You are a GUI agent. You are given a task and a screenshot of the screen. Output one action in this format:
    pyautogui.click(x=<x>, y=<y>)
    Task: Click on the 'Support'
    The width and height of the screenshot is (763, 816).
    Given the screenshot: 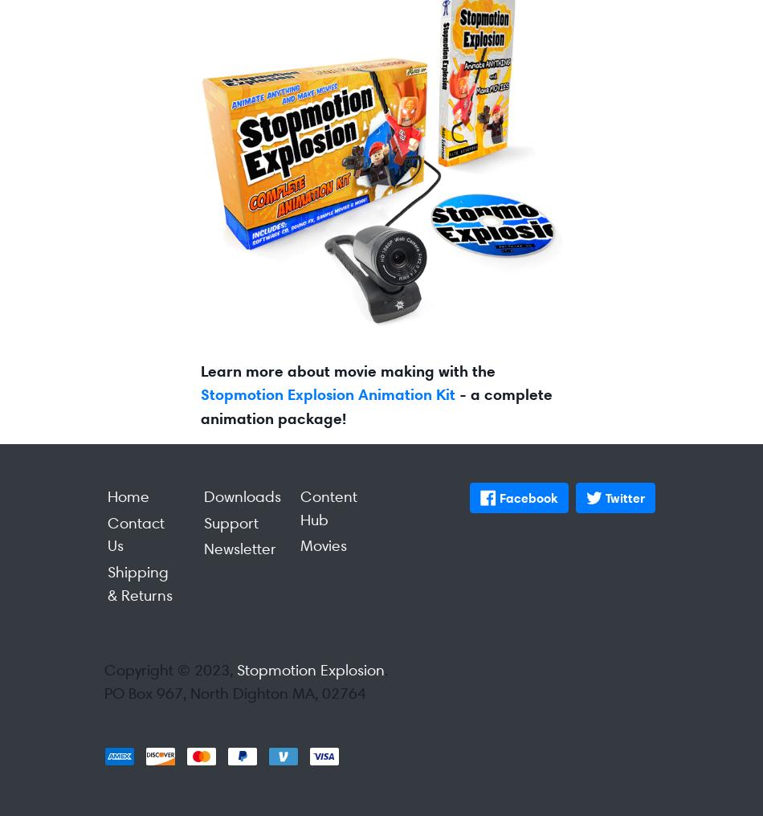 What is the action you would take?
    pyautogui.click(x=231, y=521)
    